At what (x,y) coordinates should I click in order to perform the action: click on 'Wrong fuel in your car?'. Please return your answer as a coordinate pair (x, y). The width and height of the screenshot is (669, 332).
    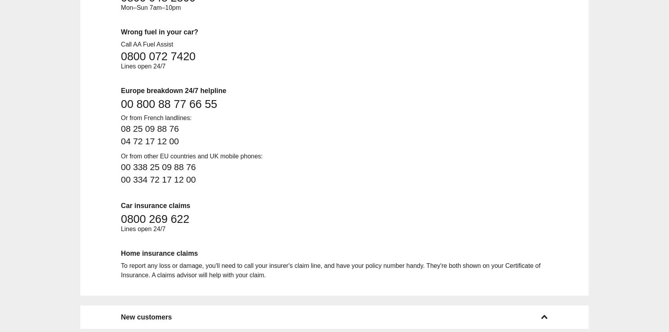
    Looking at the image, I should click on (159, 31).